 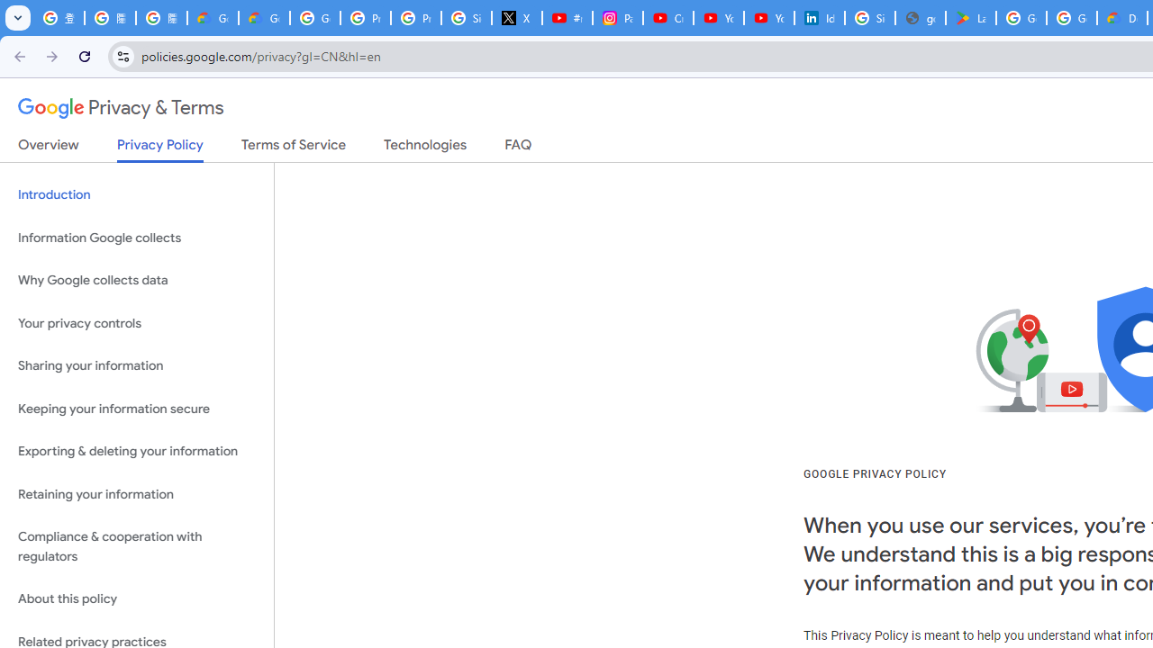 I want to click on 'Last Shelter: Survival - Apps on Google Play', so click(x=969, y=18).